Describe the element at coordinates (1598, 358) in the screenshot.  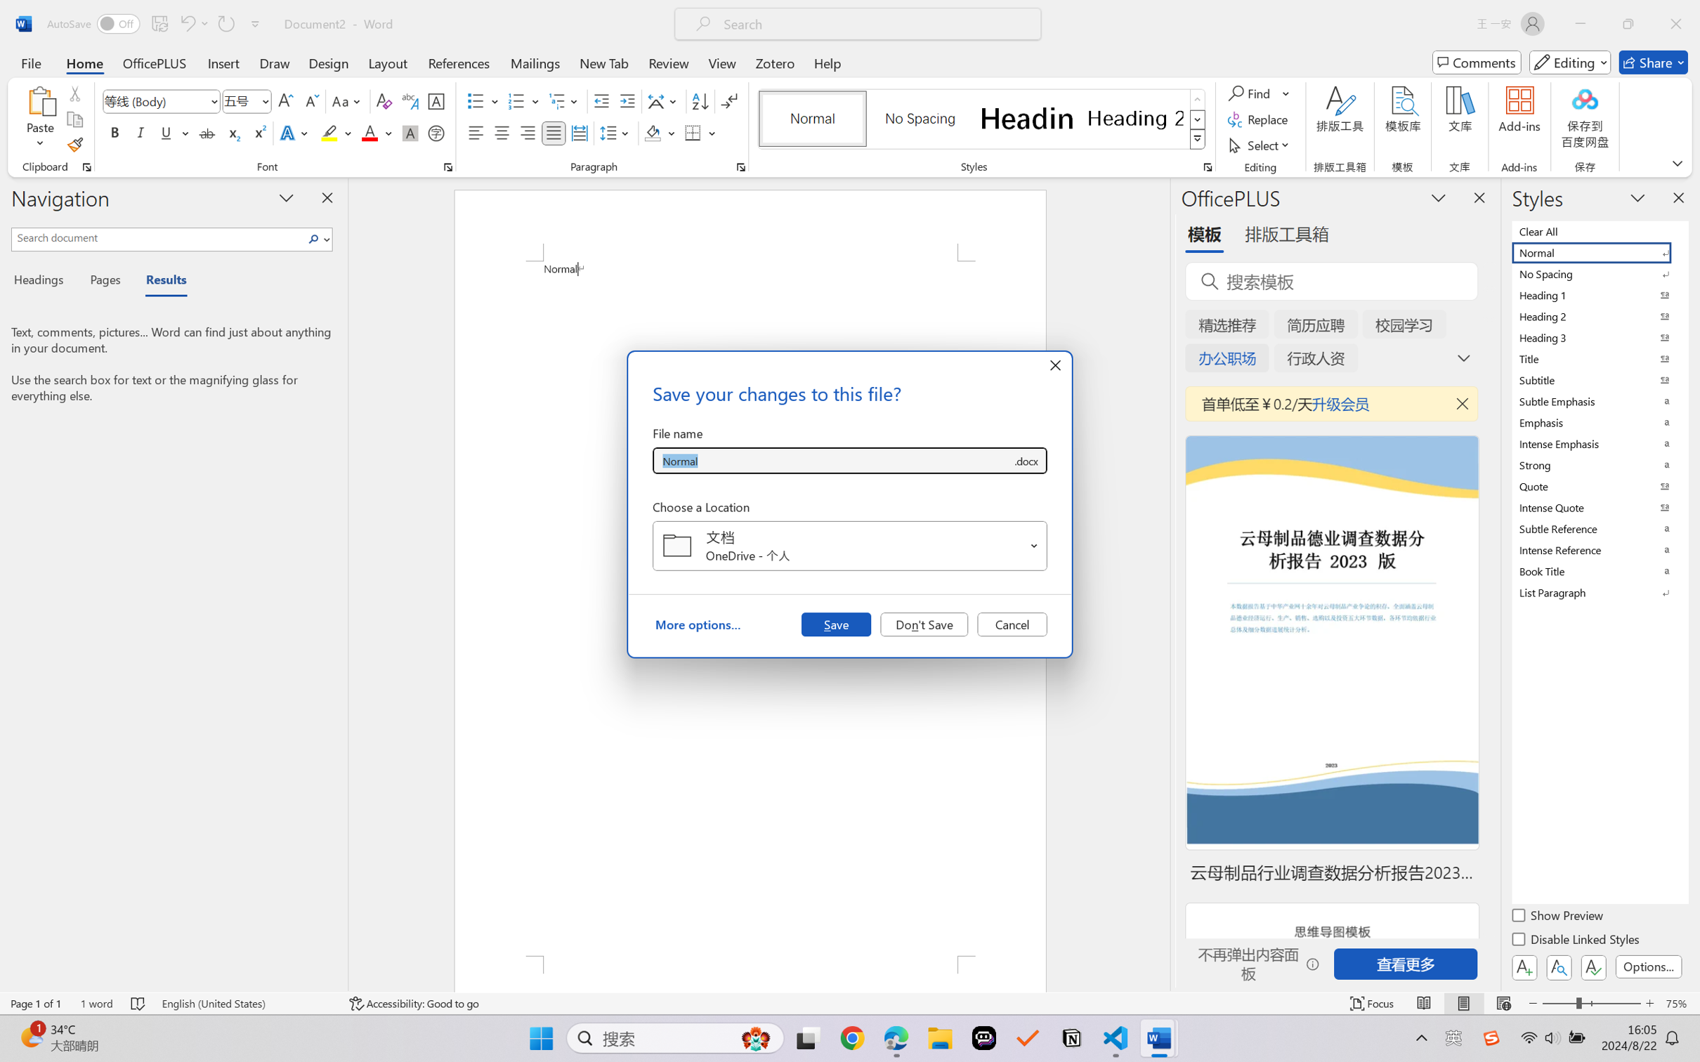
I see `'Title'` at that location.